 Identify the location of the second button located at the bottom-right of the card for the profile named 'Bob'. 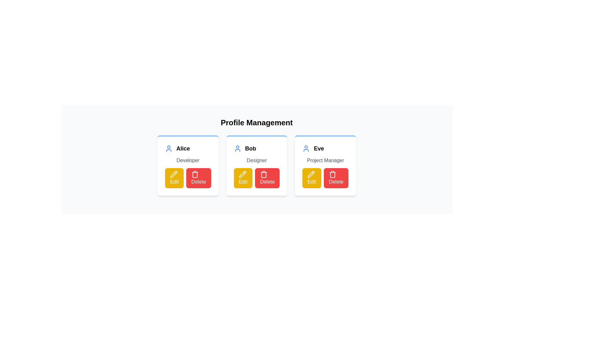
(267, 178).